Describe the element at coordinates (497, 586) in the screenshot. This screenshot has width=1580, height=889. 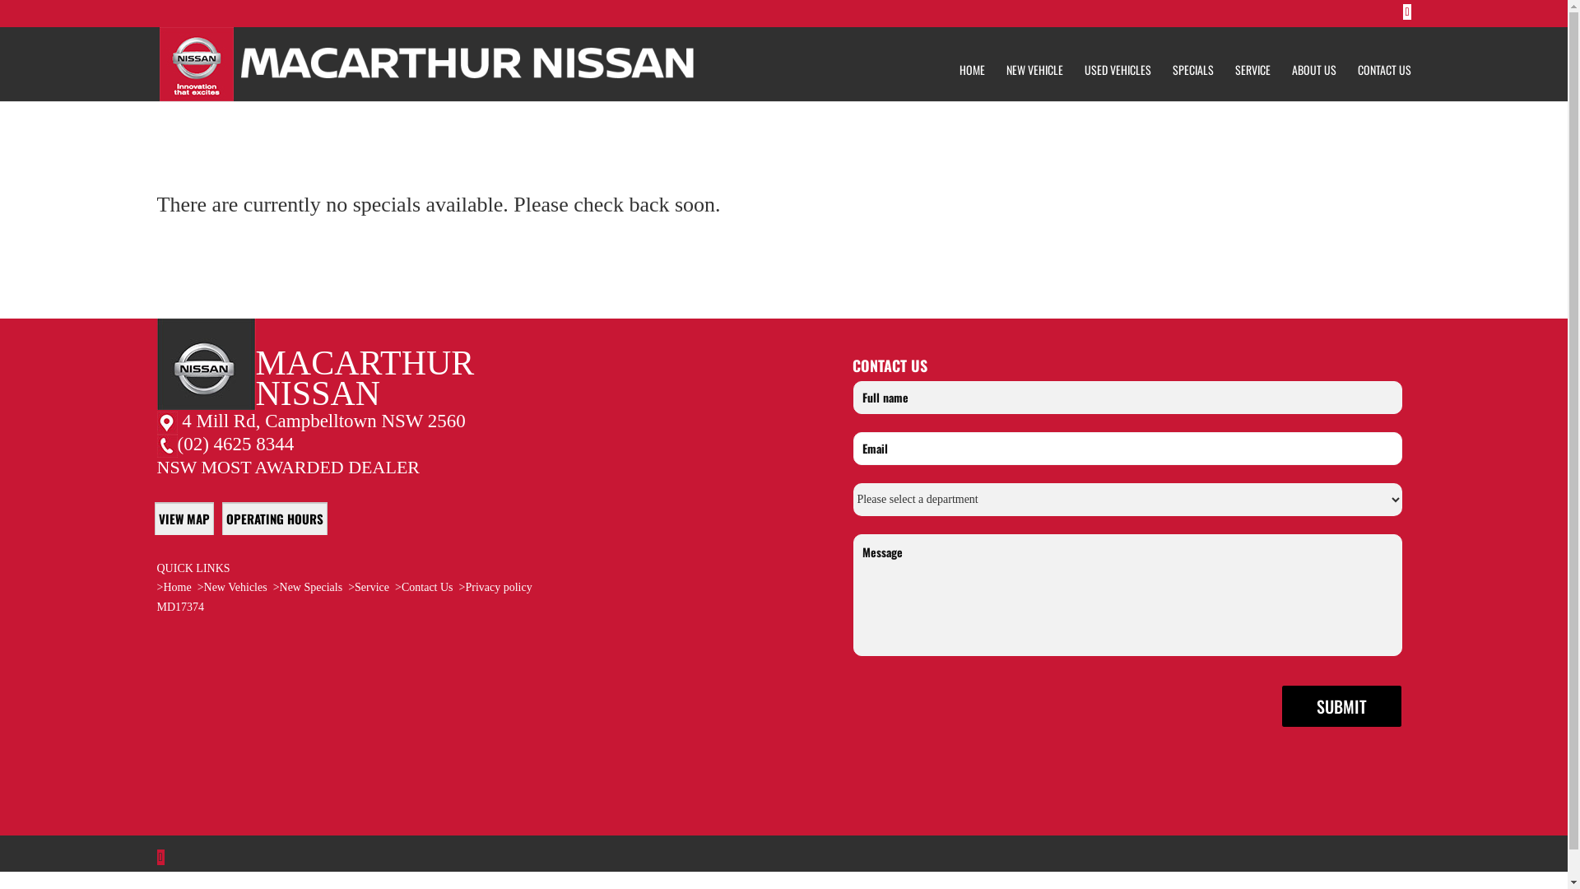
I see `'Privacy policy'` at that location.